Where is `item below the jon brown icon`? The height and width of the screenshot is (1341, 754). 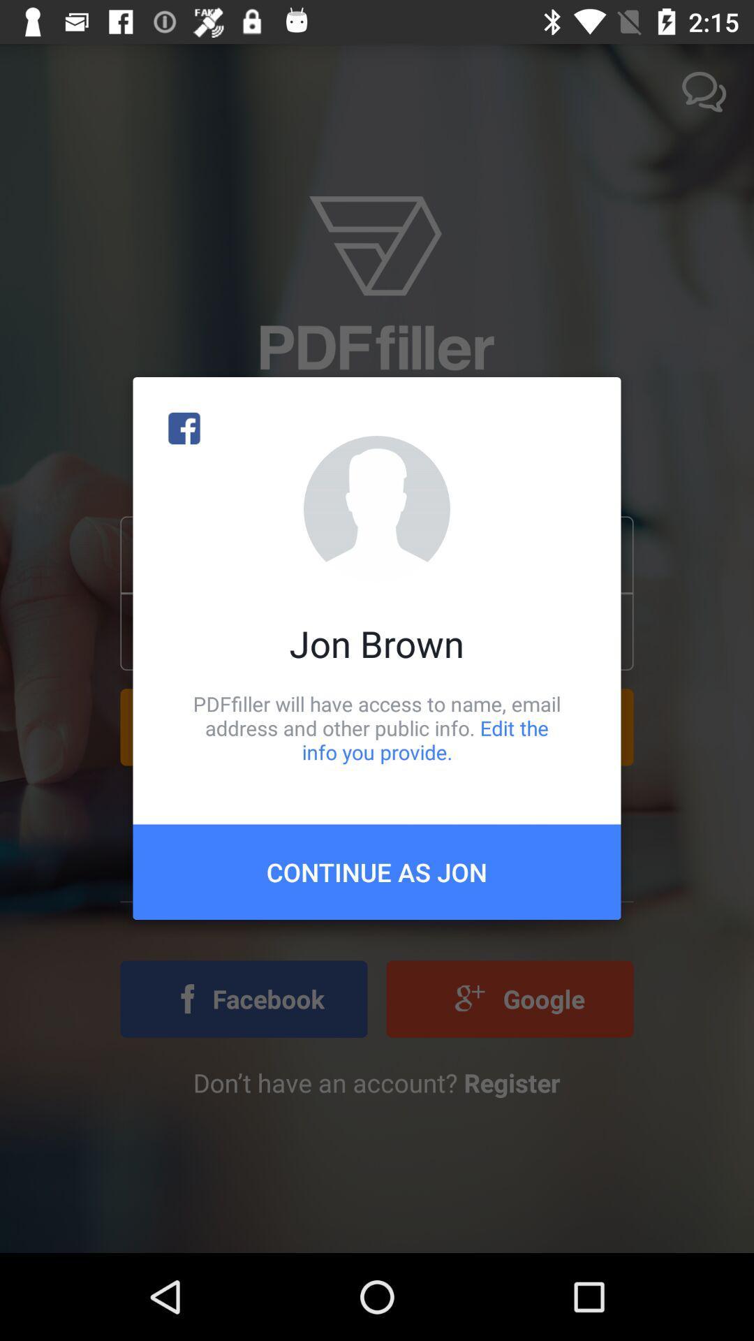
item below the jon brown icon is located at coordinates (377, 727).